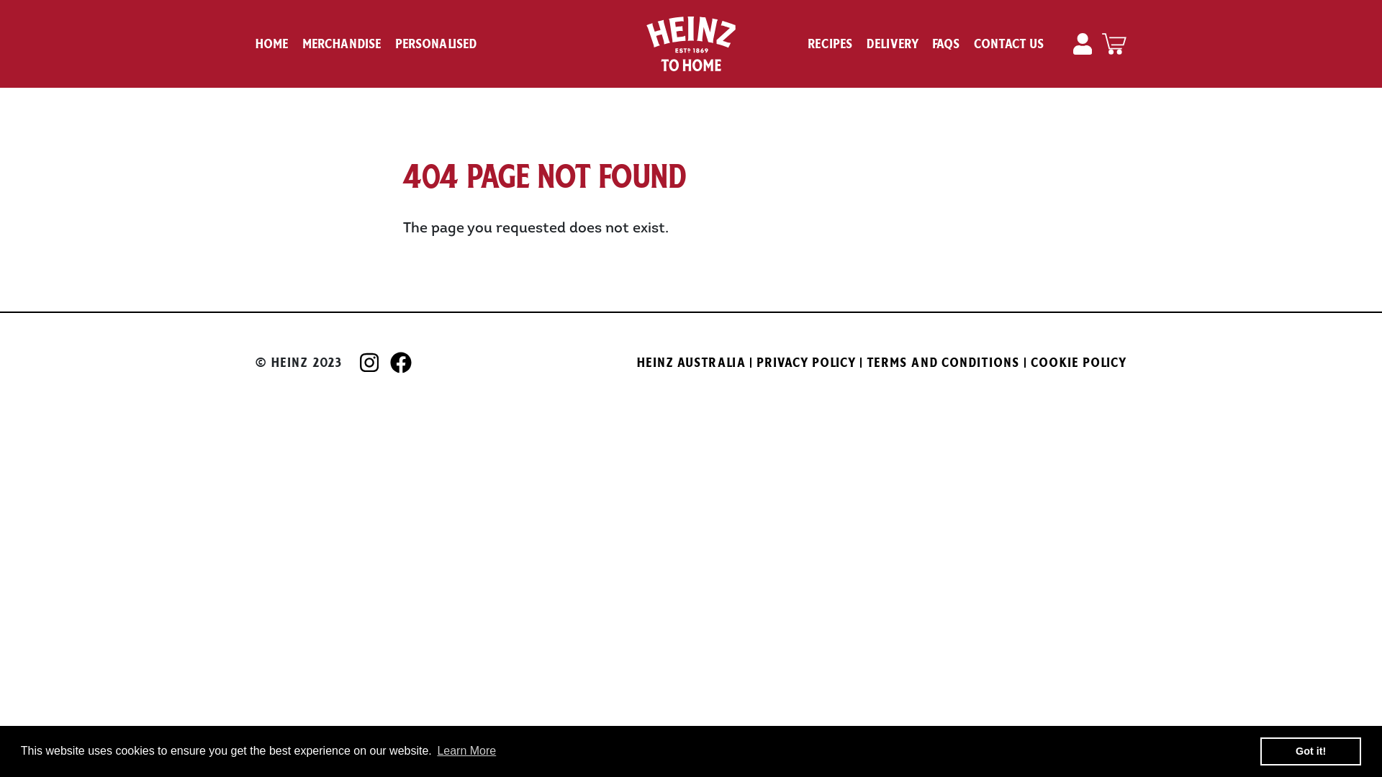  Describe the element at coordinates (466, 750) in the screenshot. I see `'Learn More'` at that location.